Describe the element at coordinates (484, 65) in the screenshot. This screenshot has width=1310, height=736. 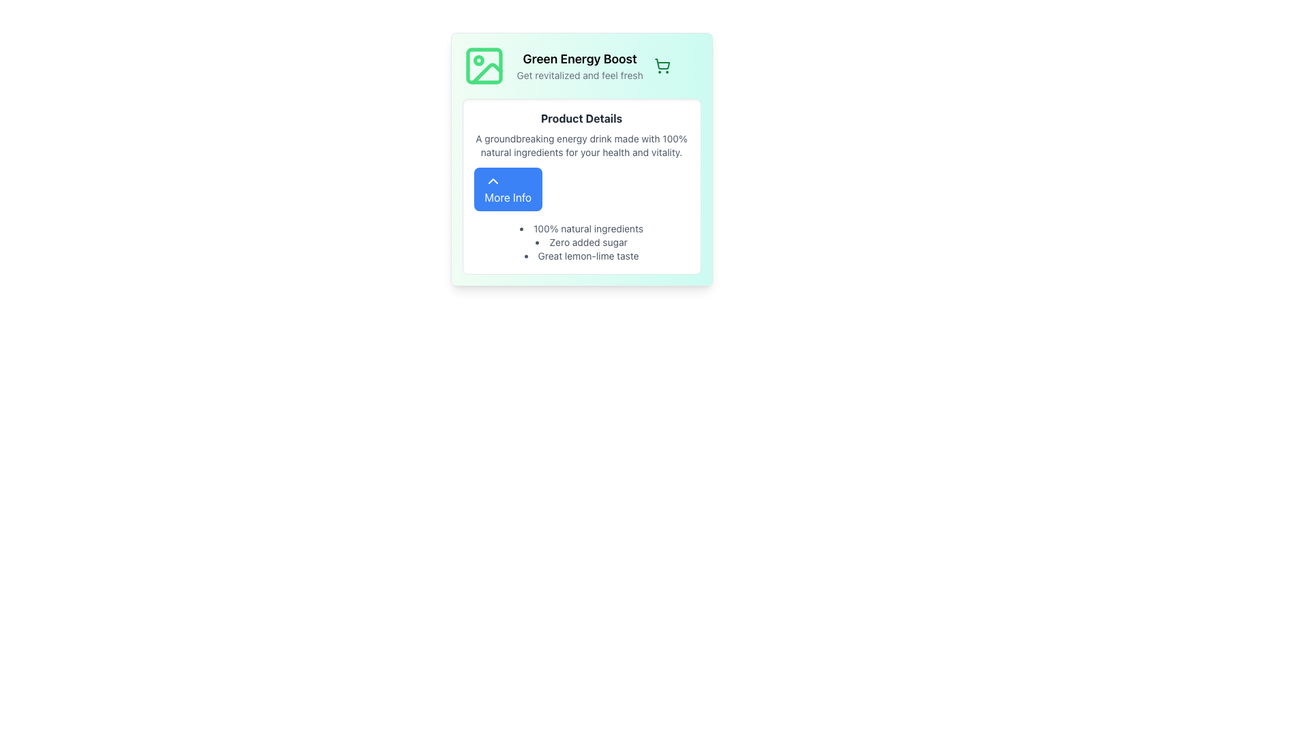
I see `the small rectangular shape with rounded corners that is part of the green-bordered icon located in the top-left section of the card layout` at that location.